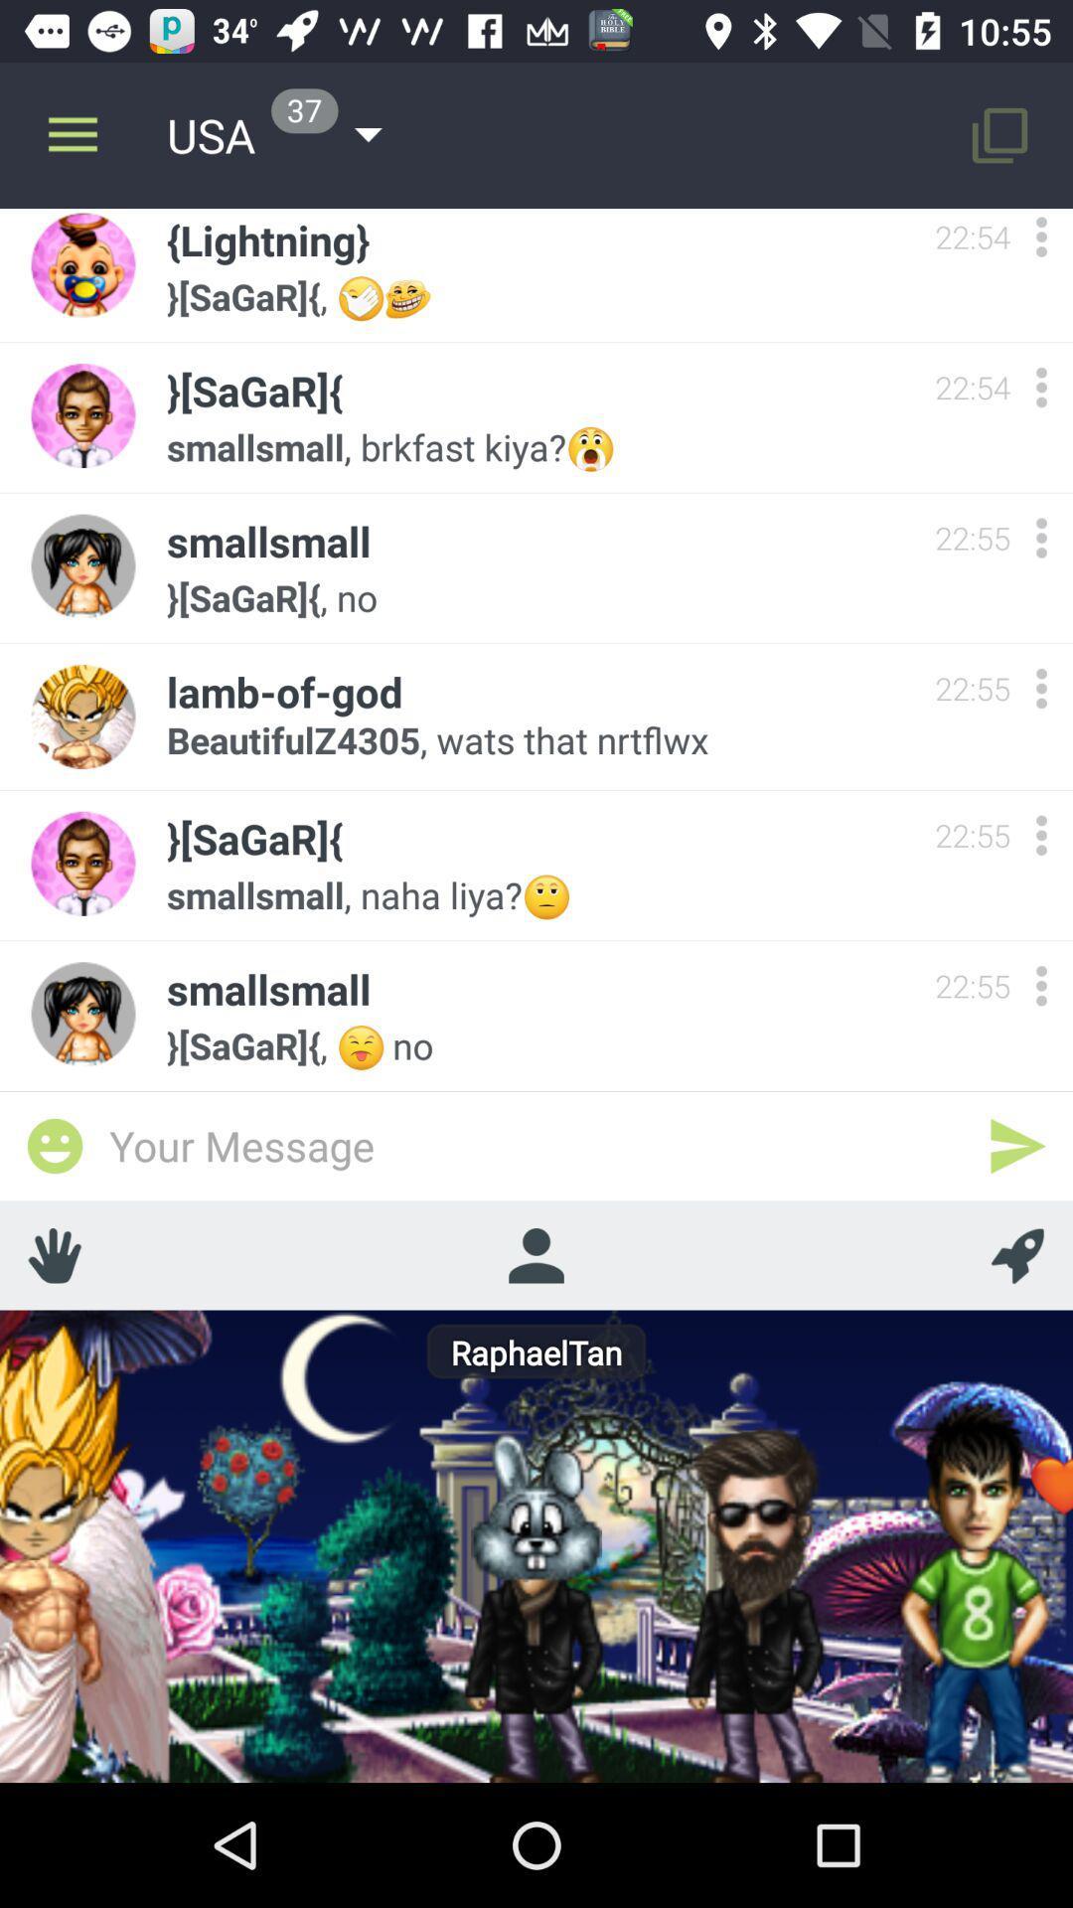 This screenshot has height=1908, width=1073. I want to click on open file description, so click(1040, 538).